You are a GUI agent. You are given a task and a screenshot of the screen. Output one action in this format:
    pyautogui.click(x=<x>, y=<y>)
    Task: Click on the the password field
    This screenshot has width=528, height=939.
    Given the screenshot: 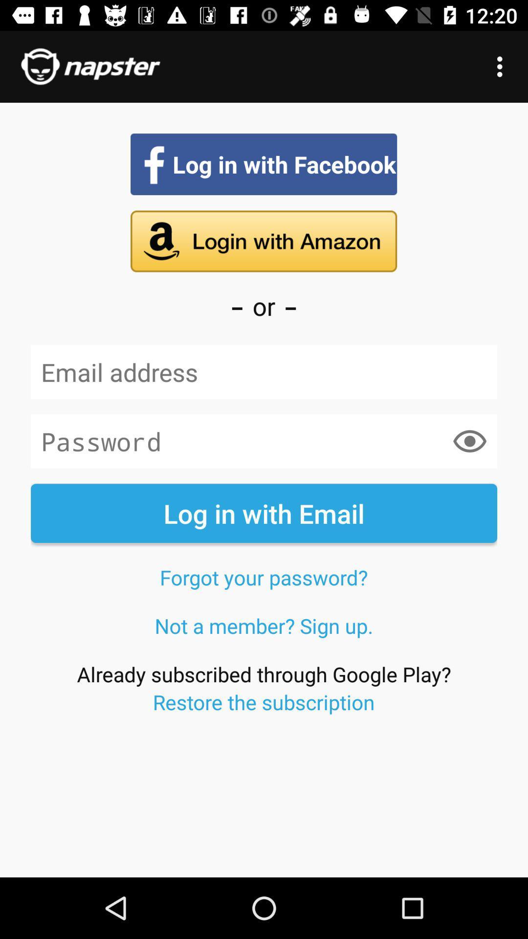 What is the action you would take?
    pyautogui.click(x=264, y=441)
    